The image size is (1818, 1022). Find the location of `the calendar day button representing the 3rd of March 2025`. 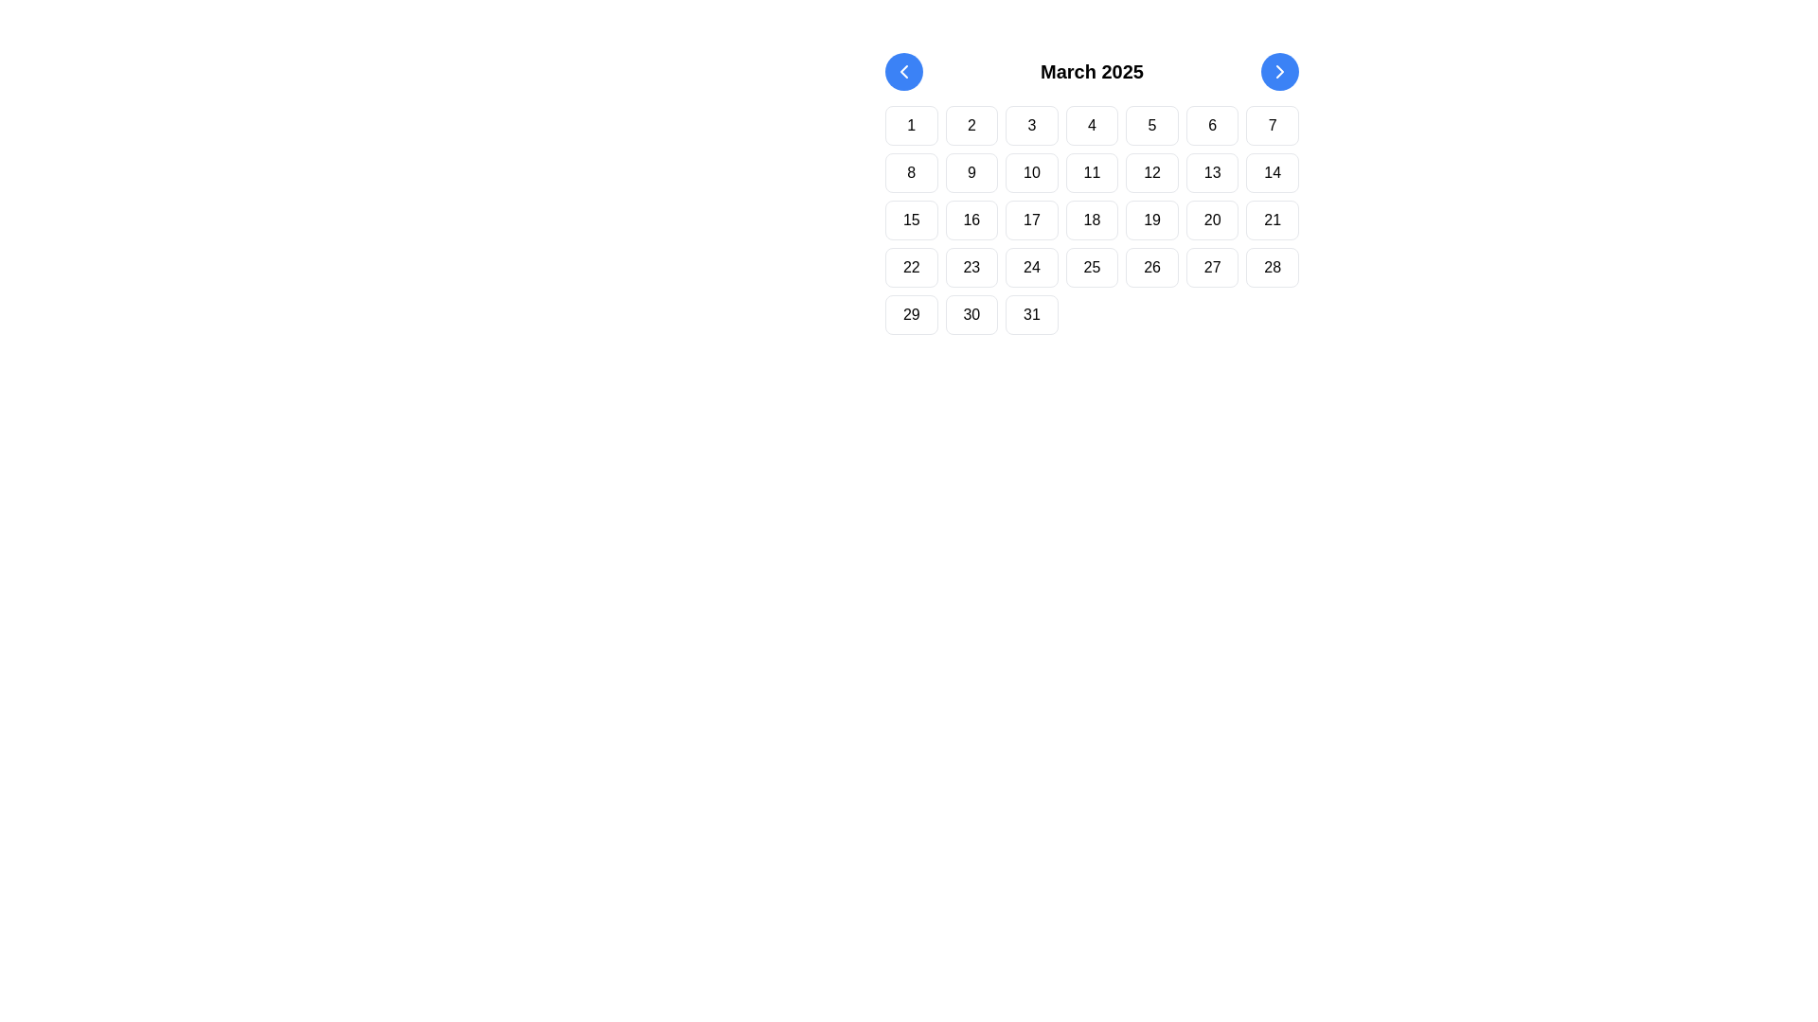

the calendar day button representing the 3rd of March 2025 is located at coordinates (1030, 125).